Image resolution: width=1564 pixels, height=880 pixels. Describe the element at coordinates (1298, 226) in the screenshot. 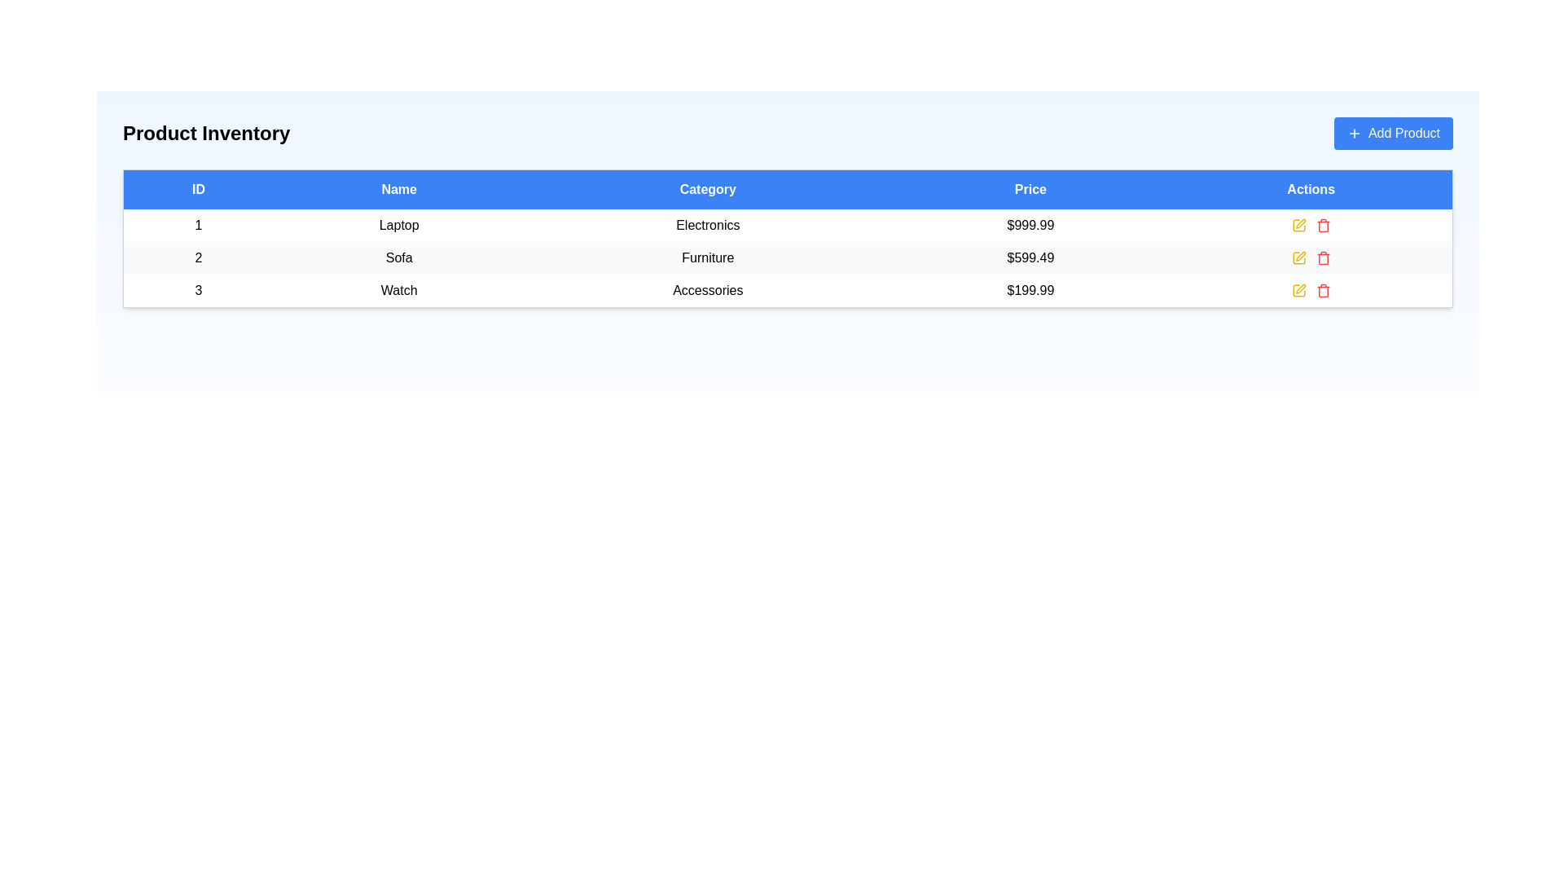

I see `the yellow editing icon in the 'Actions' column of the first row in the 'Product Inventory' table` at that location.